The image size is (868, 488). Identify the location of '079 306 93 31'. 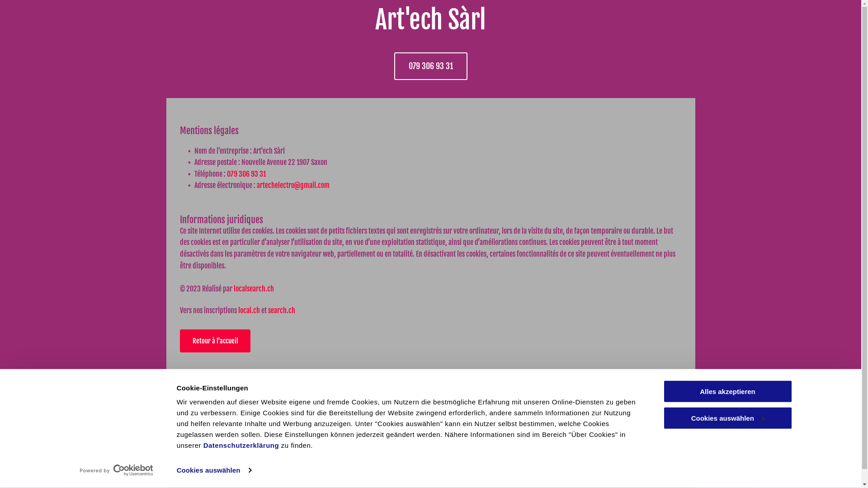
(227, 174).